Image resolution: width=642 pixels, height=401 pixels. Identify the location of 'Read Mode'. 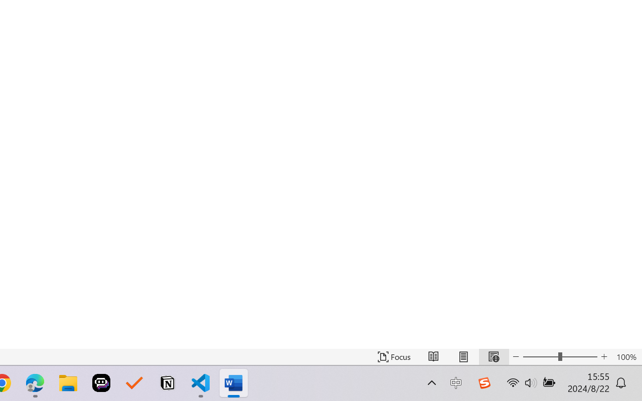
(433, 356).